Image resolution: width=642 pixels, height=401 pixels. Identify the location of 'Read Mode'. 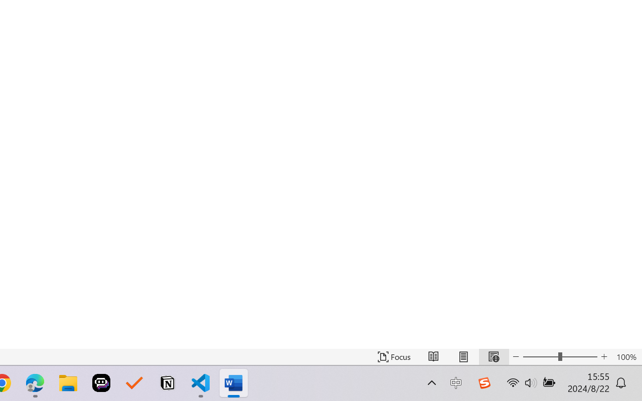
(433, 356).